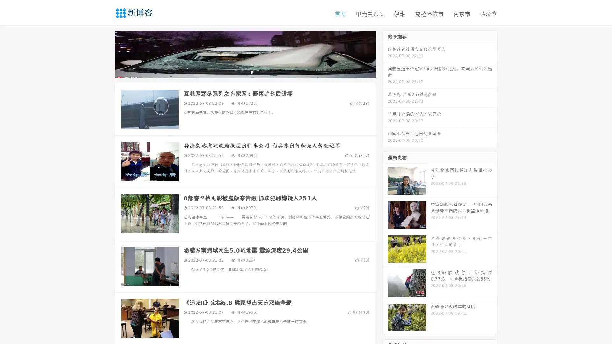 Image resolution: width=612 pixels, height=344 pixels. I want to click on Next slide, so click(385, 54).